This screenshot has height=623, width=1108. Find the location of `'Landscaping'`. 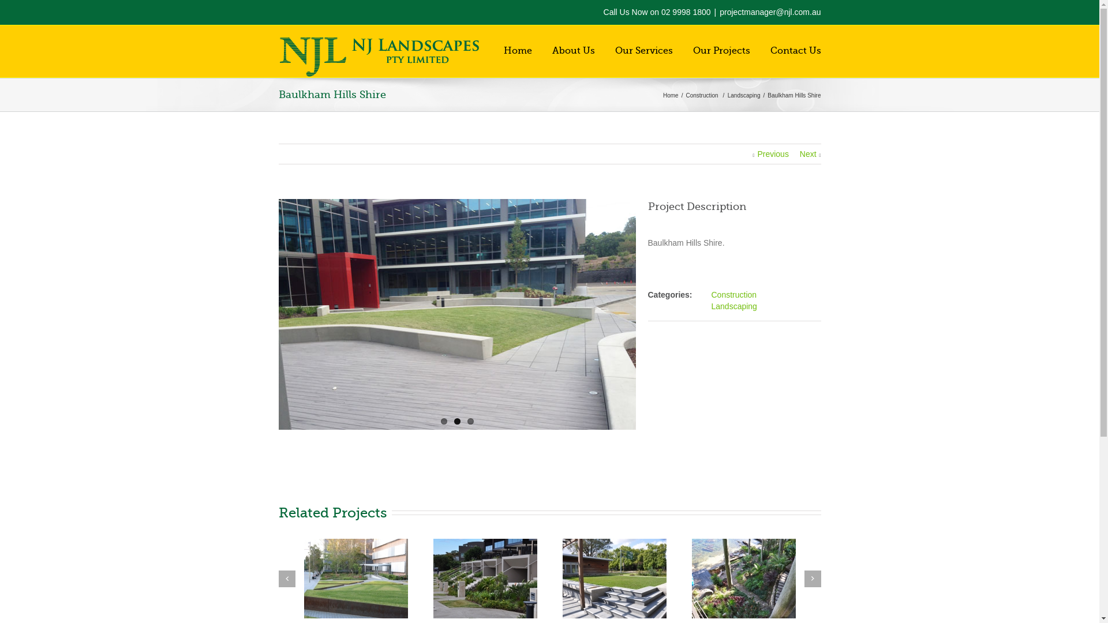

'Landscaping' is located at coordinates (733, 306).